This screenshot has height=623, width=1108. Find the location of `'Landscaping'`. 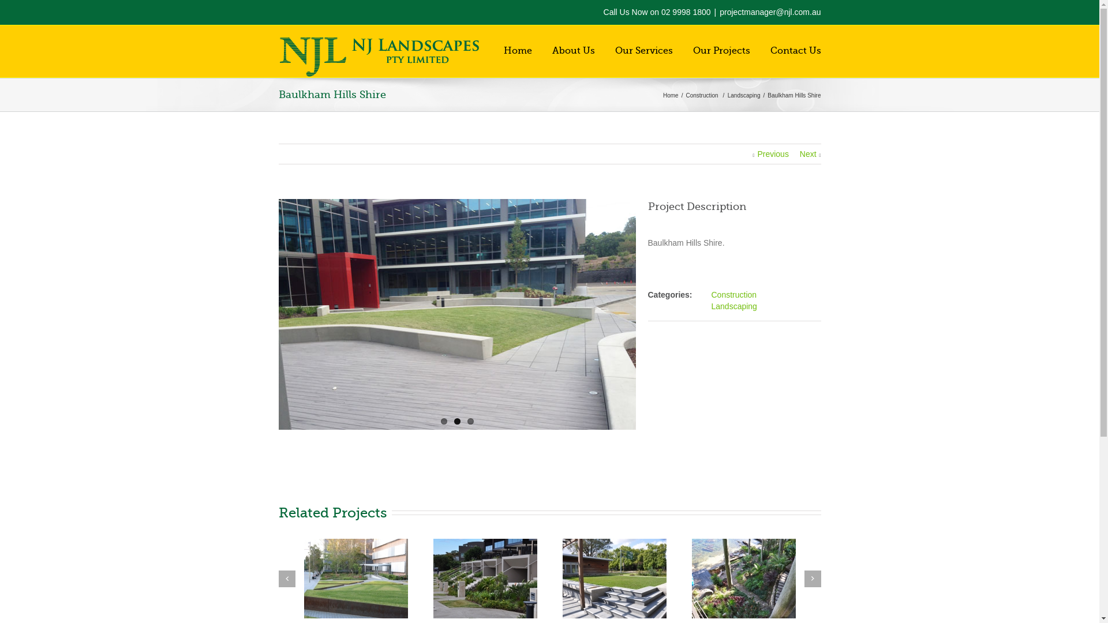

'Landscaping' is located at coordinates (733, 306).